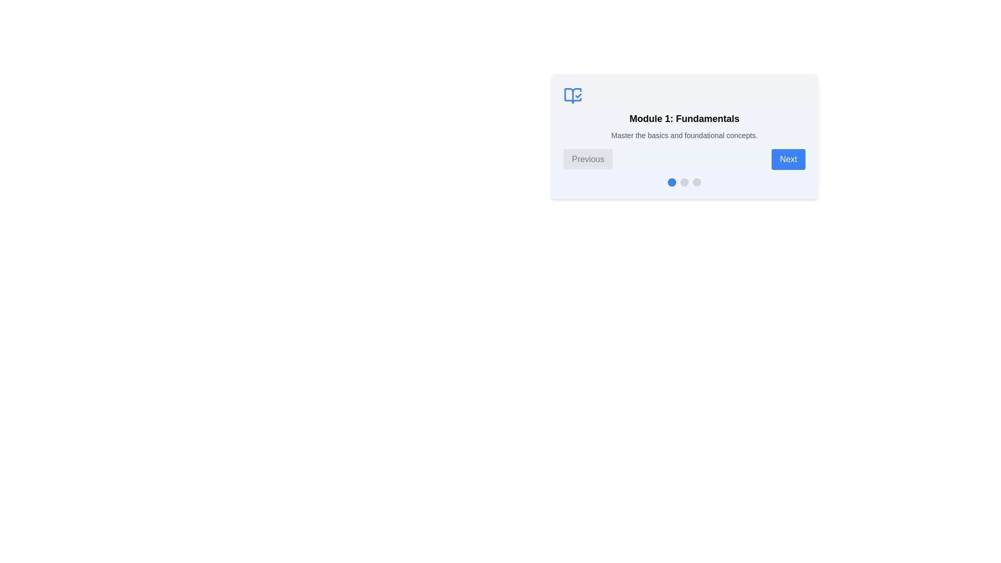 This screenshot has width=1001, height=563. Describe the element at coordinates (672, 182) in the screenshot. I see `the module corresponding to the dot indicator by clicking on it. Use the parameter 1 to specify the module (1 for the first module, 2 for the second, and 3 for the third)` at that location.